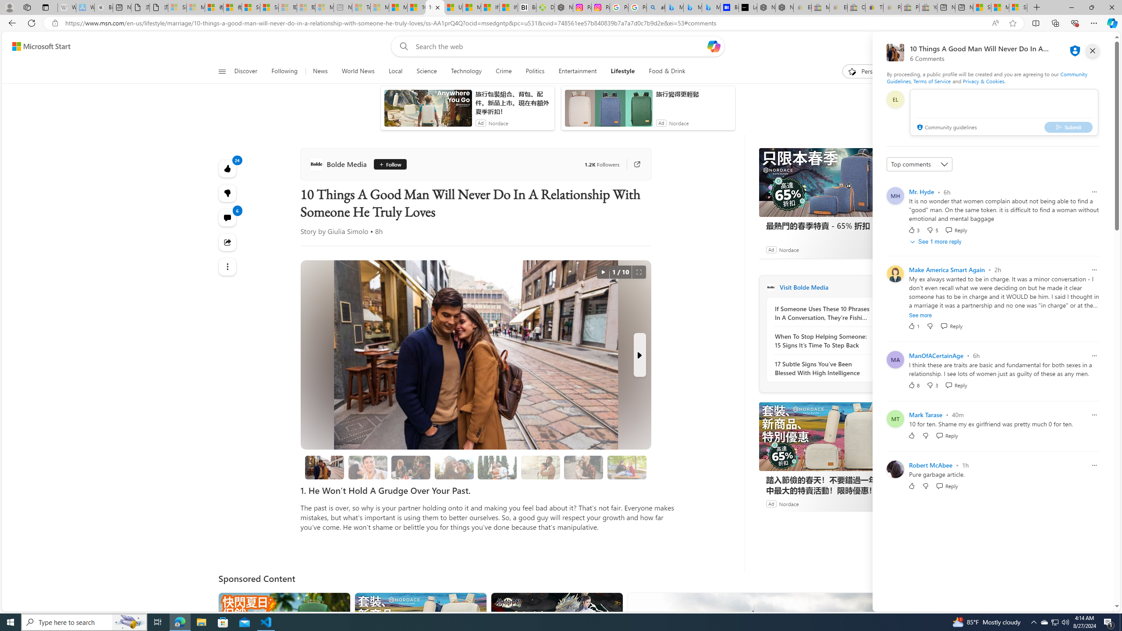 The height and width of the screenshot is (631, 1122). Describe the element at coordinates (608, 111) in the screenshot. I see `'anim-content'` at that location.